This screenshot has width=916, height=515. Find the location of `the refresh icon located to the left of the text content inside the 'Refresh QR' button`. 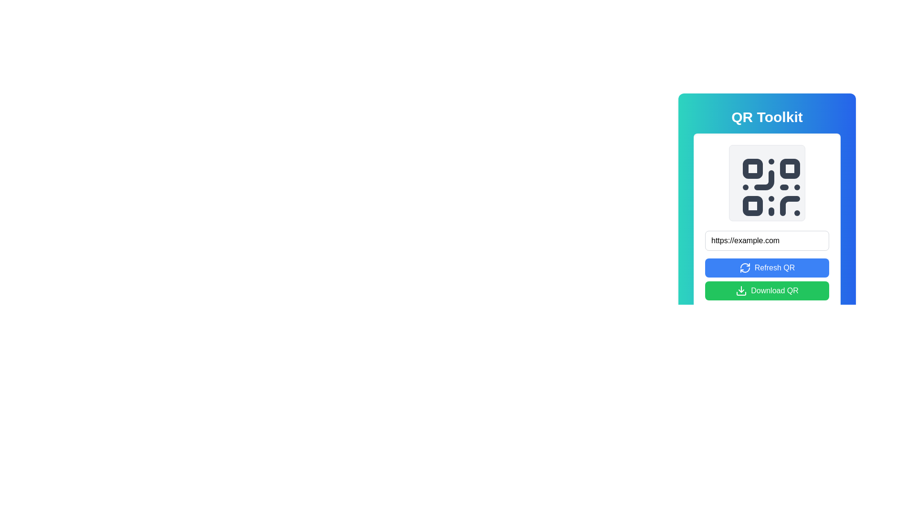

the refresh icon located to the left of the text content inside the 'Refresh QR' button is located at coordinates (744, 268).